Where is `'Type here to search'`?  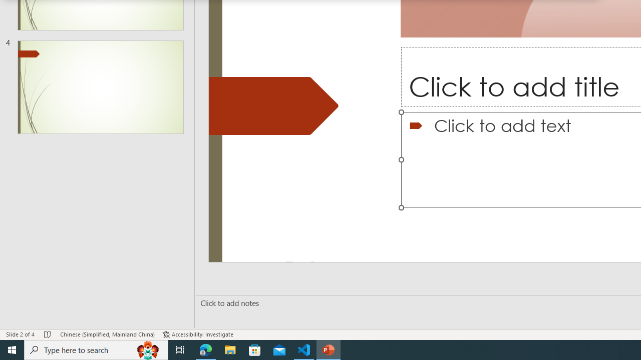 'Type here to search' is located at coordinates (96, 349).